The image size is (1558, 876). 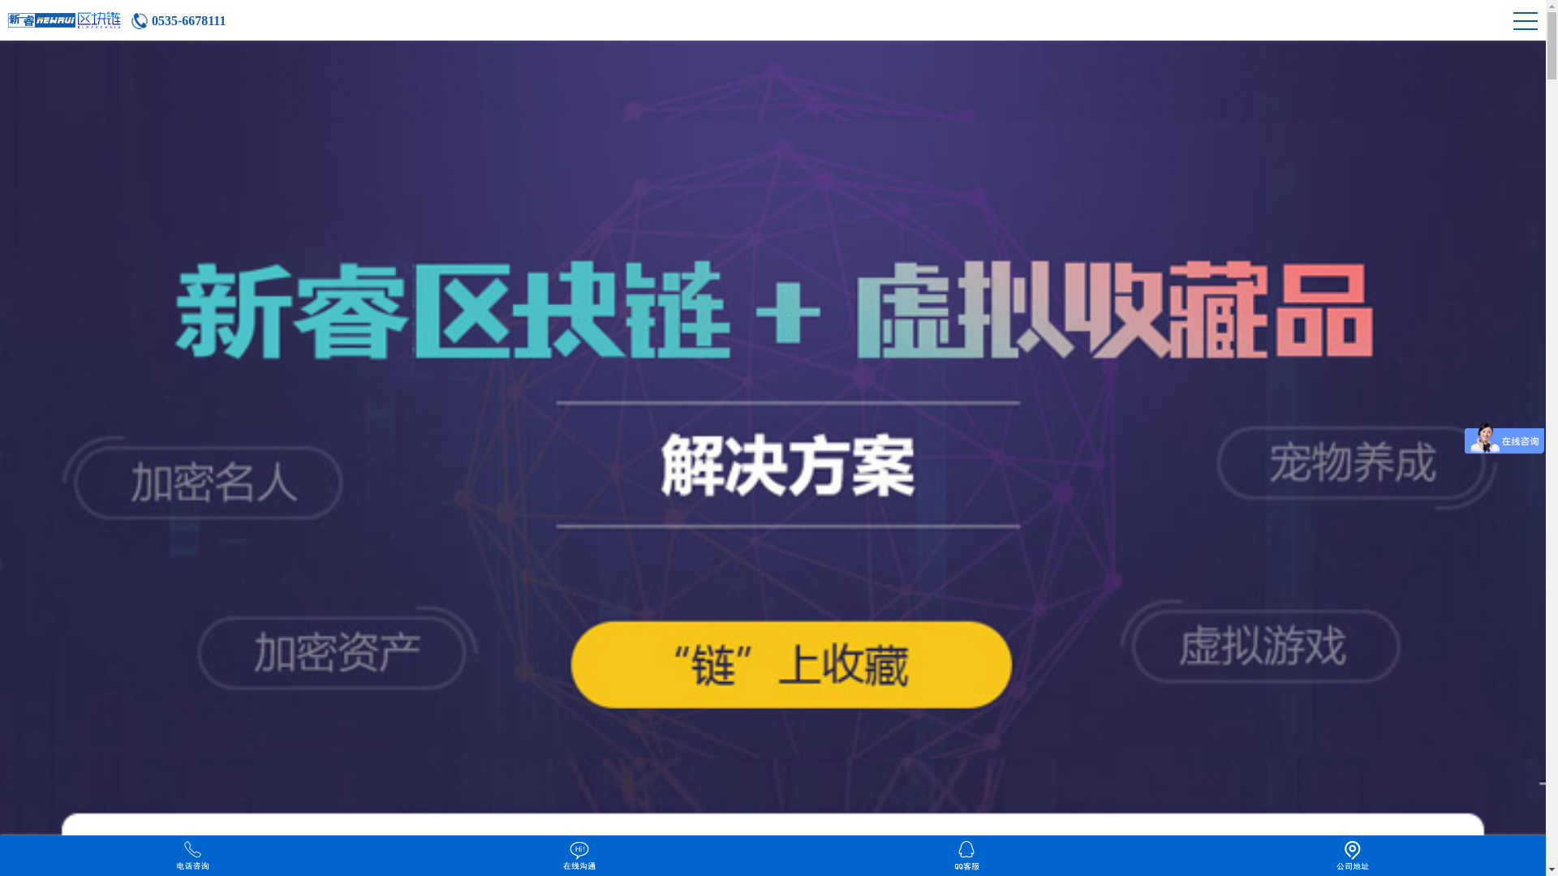 I want to click on '0535-6678111', so click(x=179, y=21).